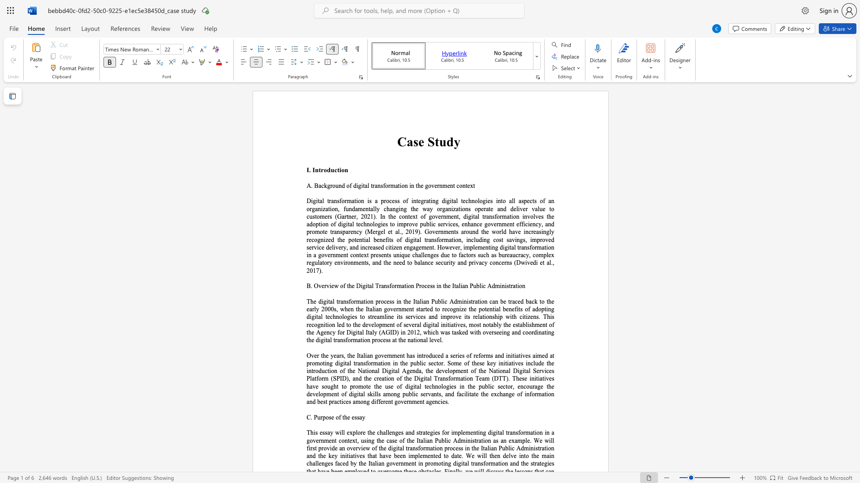  What do you see at coordinates (472, 239) in the screenshot?
I see `the 1th character "c" in the text` at bounding box center [472, 239].